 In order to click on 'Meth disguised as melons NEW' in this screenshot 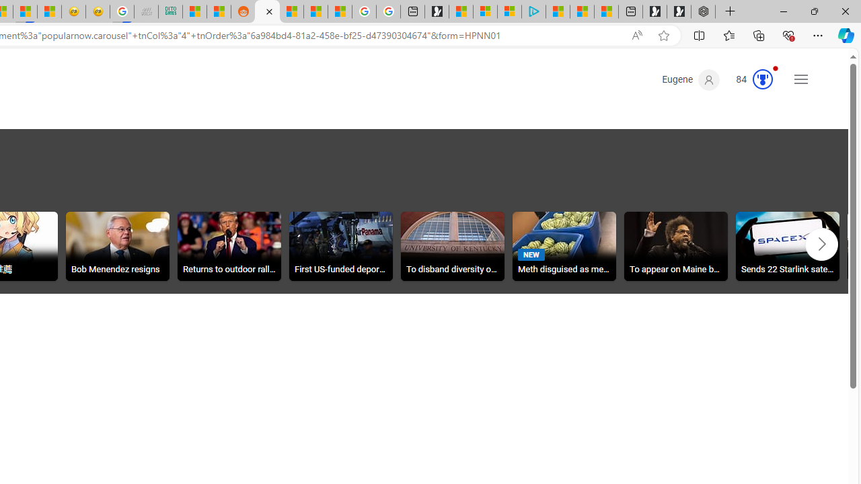, I will do `click(564, 246)`.